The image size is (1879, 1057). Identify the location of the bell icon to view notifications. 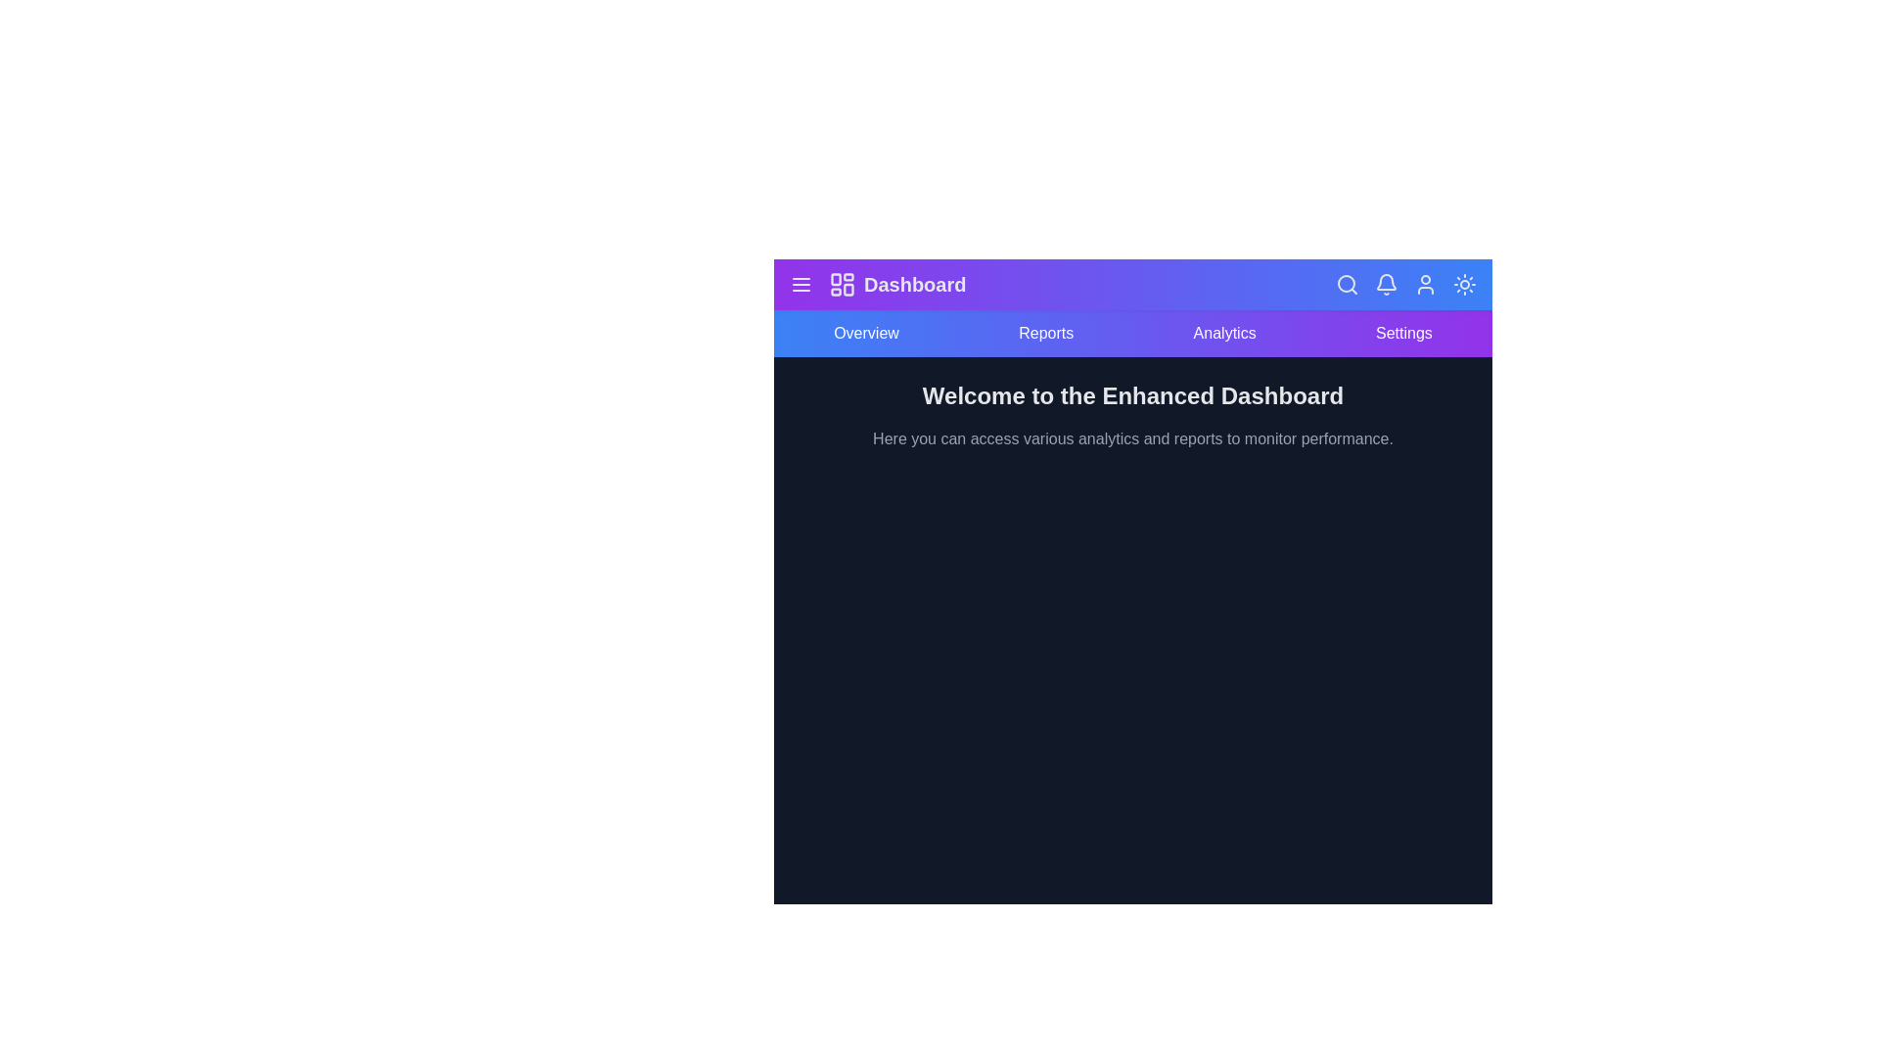
(1385, 284).